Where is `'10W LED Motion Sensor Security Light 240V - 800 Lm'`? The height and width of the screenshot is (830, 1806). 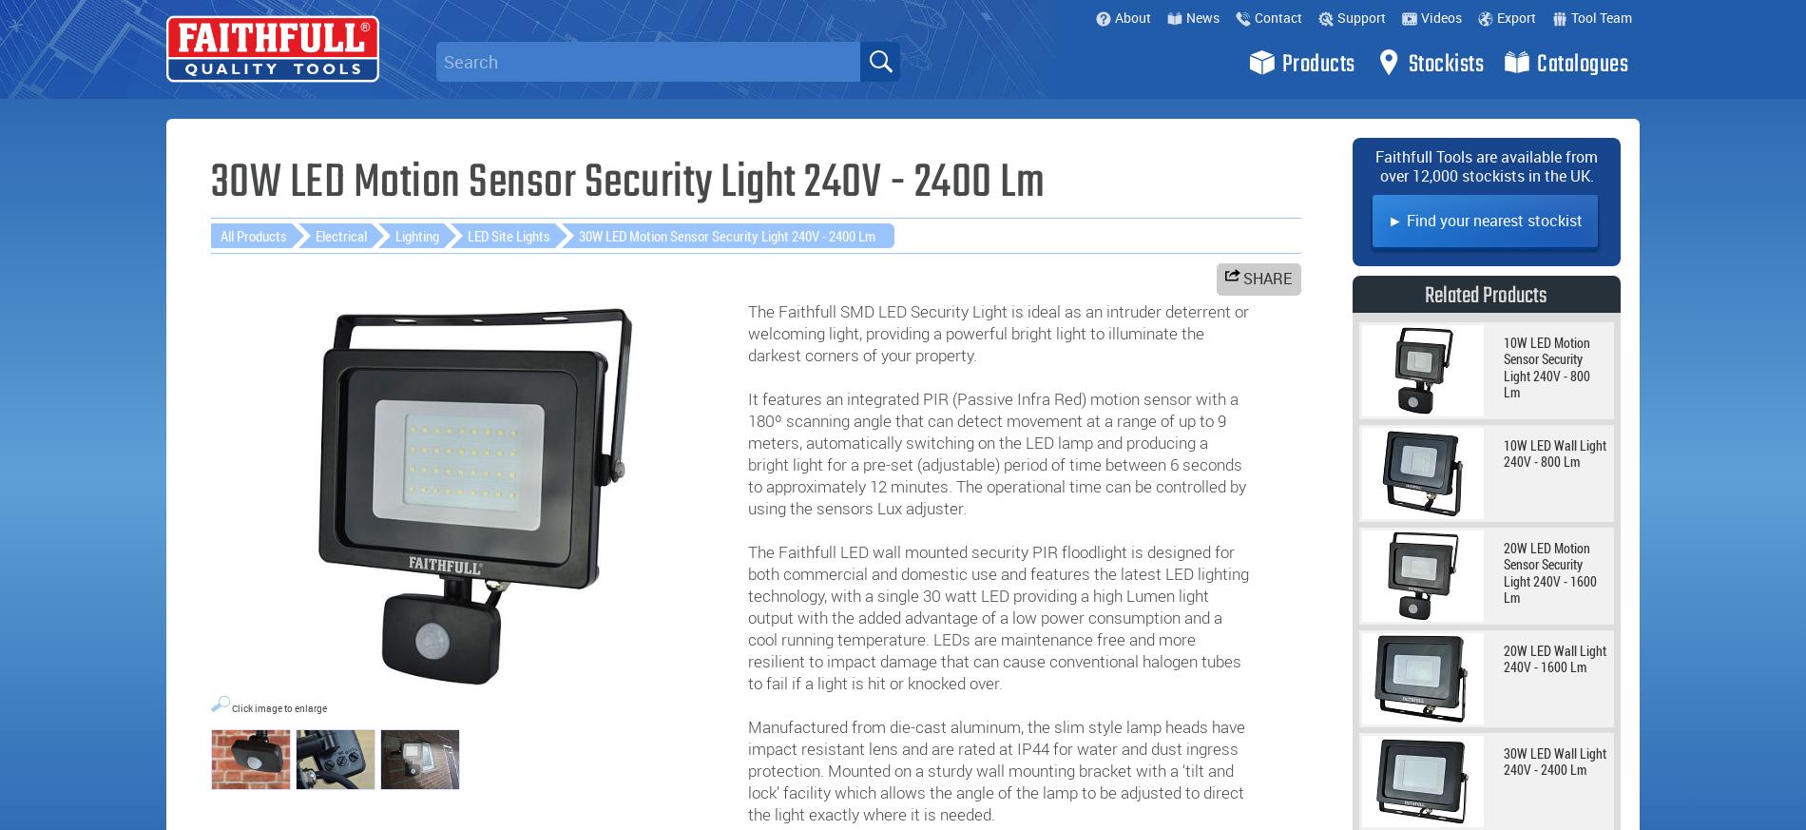 '10W LED Motion Sensor Security Light 240V - 800 Lm' is located at coordinates (1503, 366).